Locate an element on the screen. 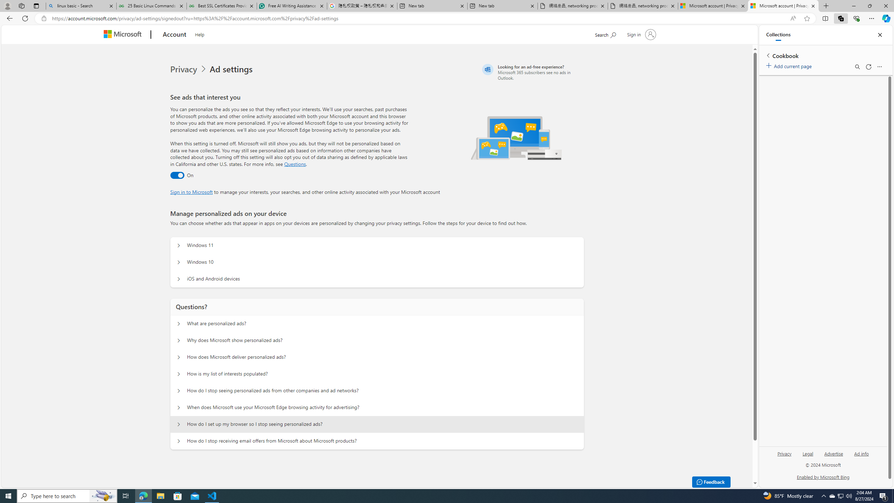  'Sign in to your account' is located at coordinates (640, 34).